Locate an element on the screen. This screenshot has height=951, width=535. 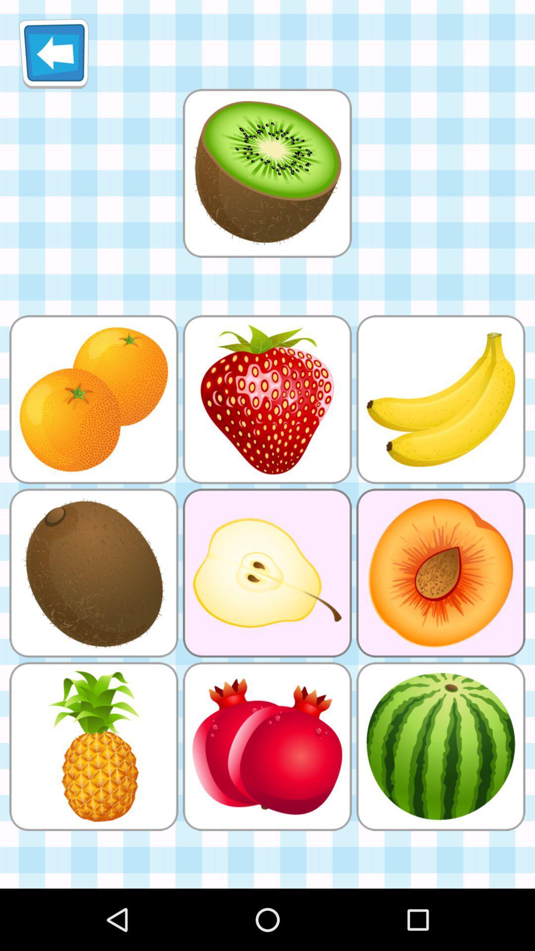
kiwi image is located at coordinates (267, 173).